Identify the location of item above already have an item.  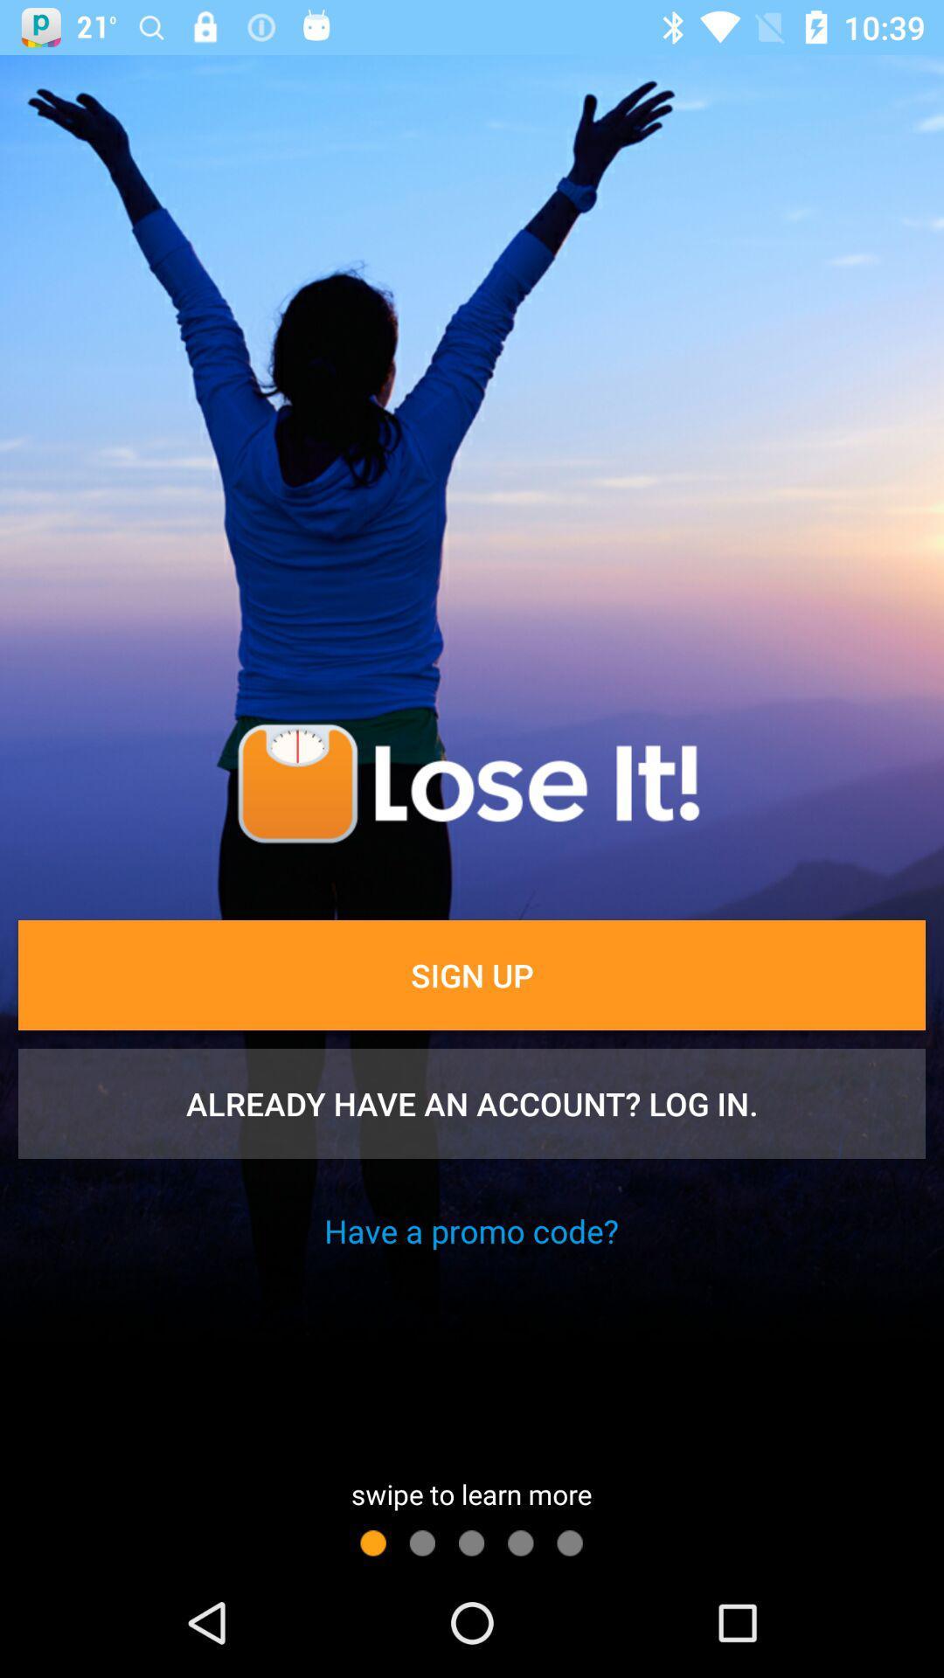
(472, 974).